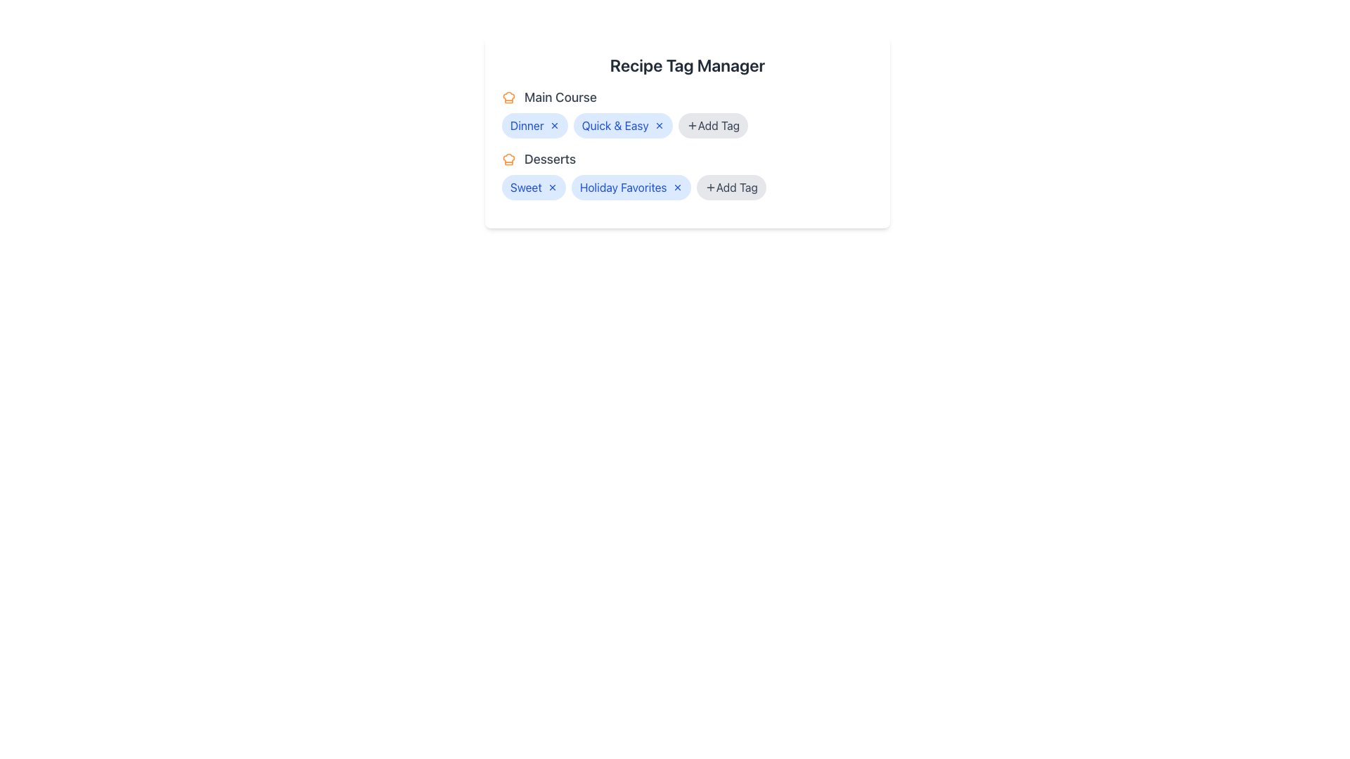 The image size is (1350, 759). I want to click on the Text Label indicating the tag or category associated with the 'Main Course' section, which is the first item next to 'Quick & Easy', so click(526, 124).